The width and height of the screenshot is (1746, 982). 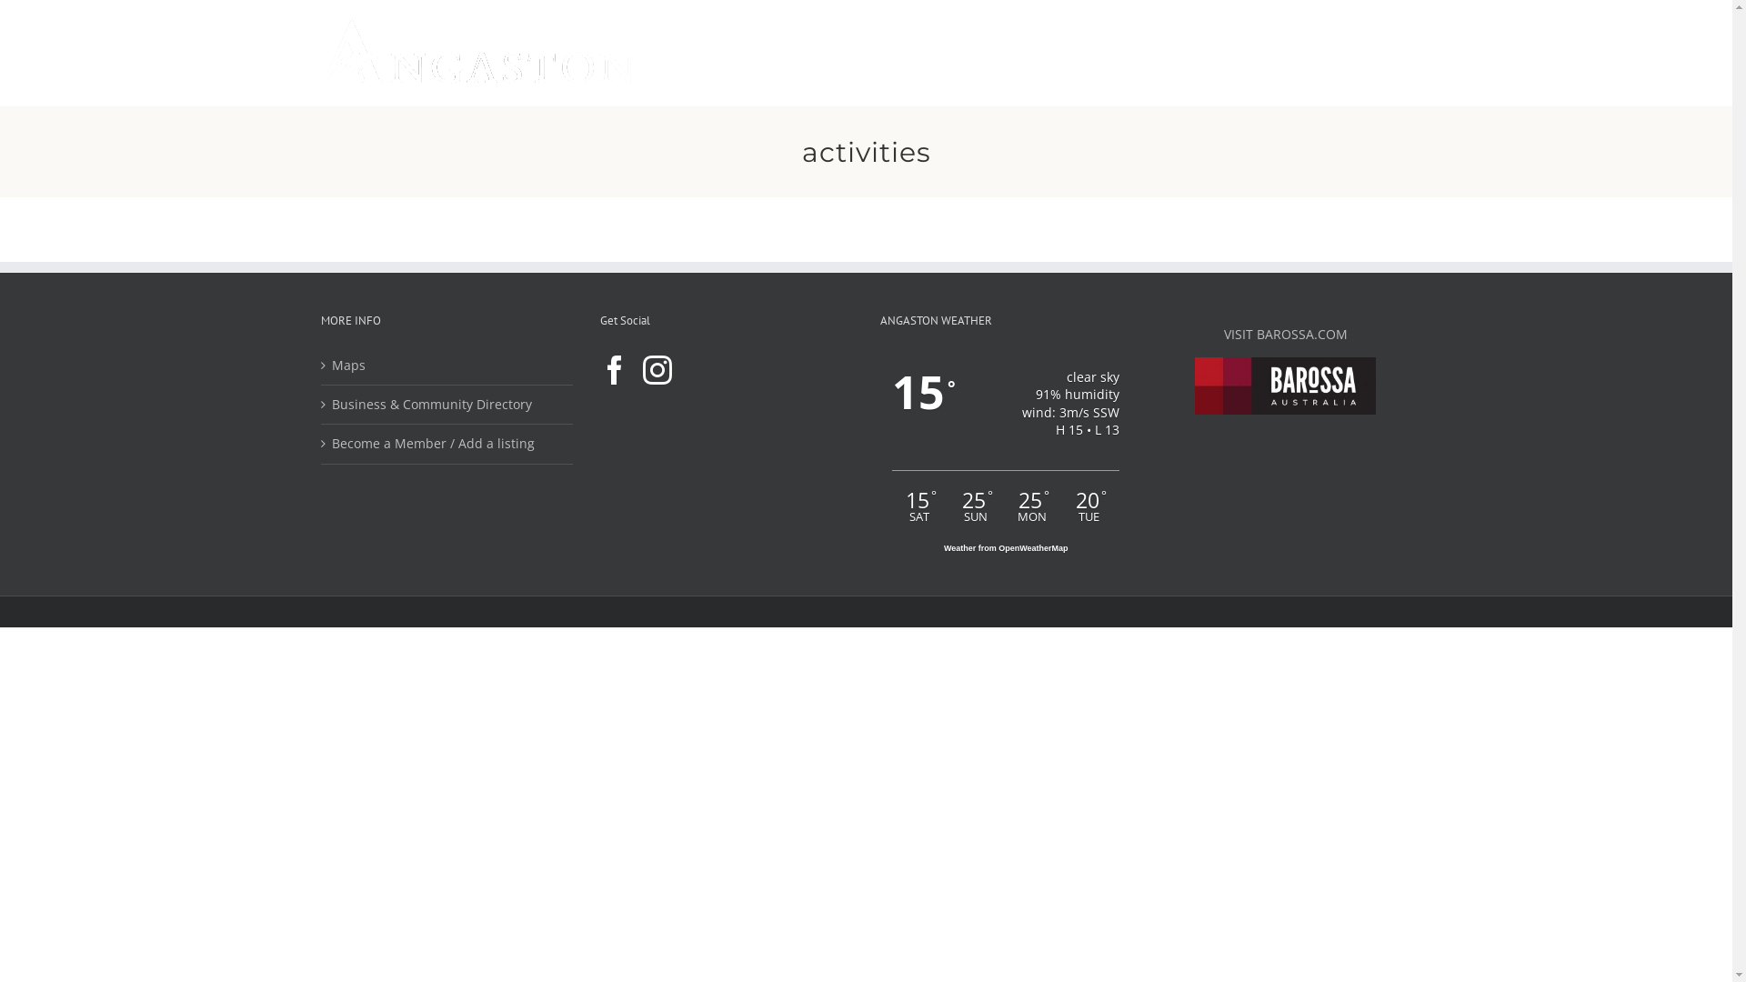 I want to click on 'WINE', so click(x=1089, y=52).